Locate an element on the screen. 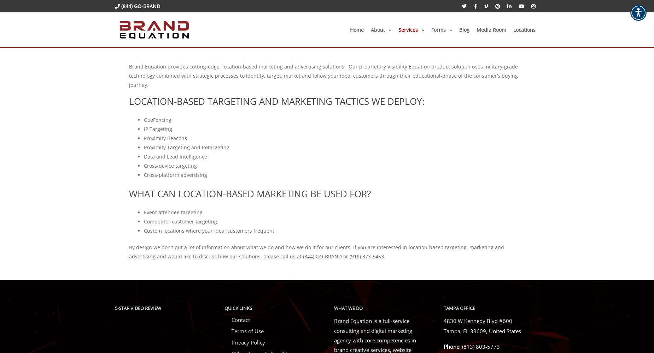  'Media Room' is located at coordinates (491, 29).